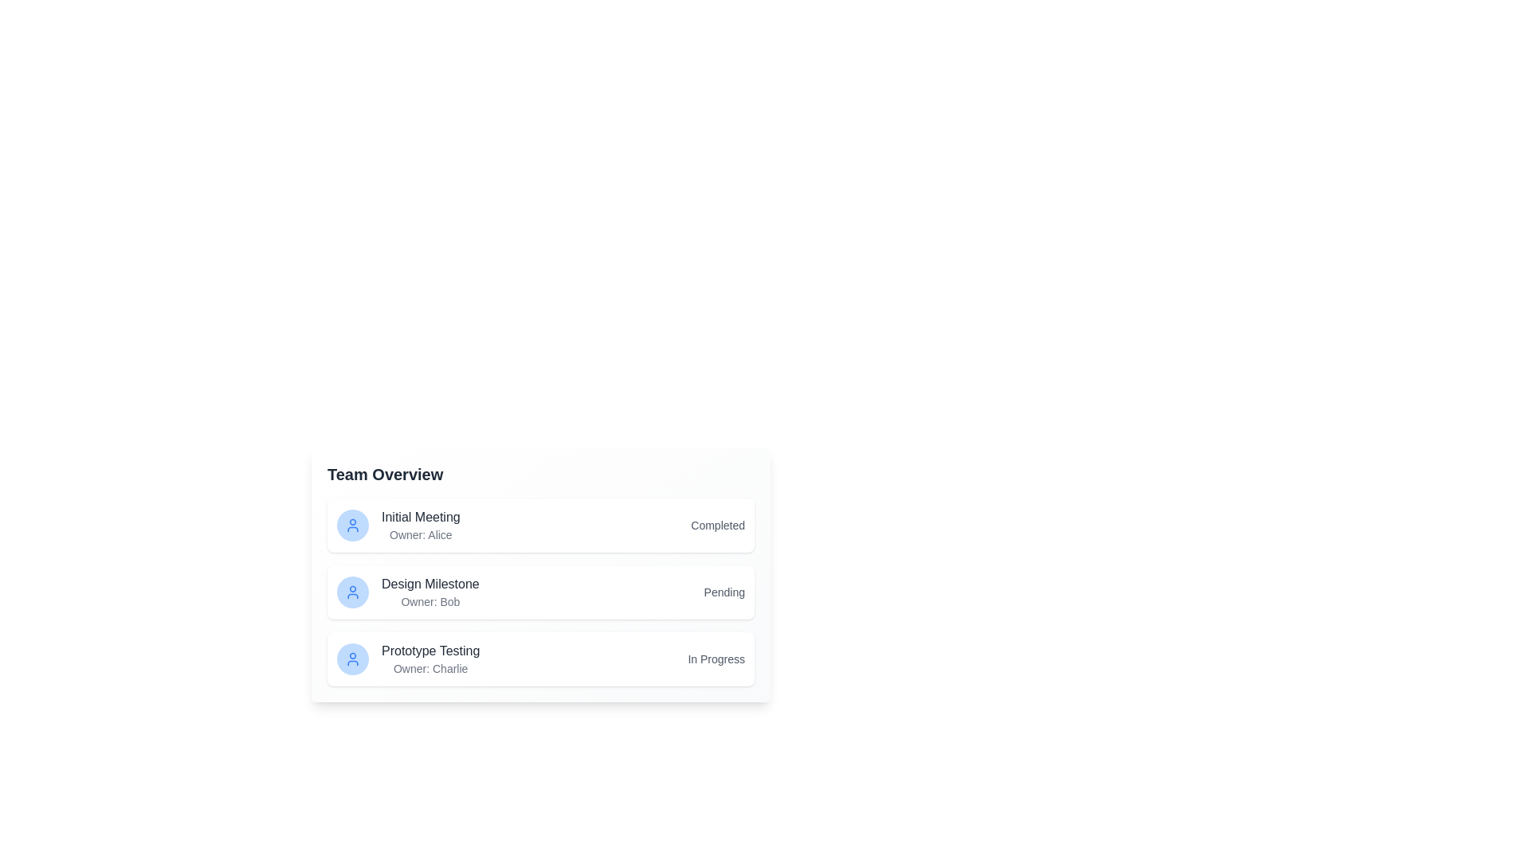 This screenshot has width=1530, height=860. What do you see at coordinates (351, 659) in the screenshot?
I see `the circular blue Profile/Avatar Icon with a user icon in the center, located in the 'Prototype Testing' section` at bounding box center [351, 659].